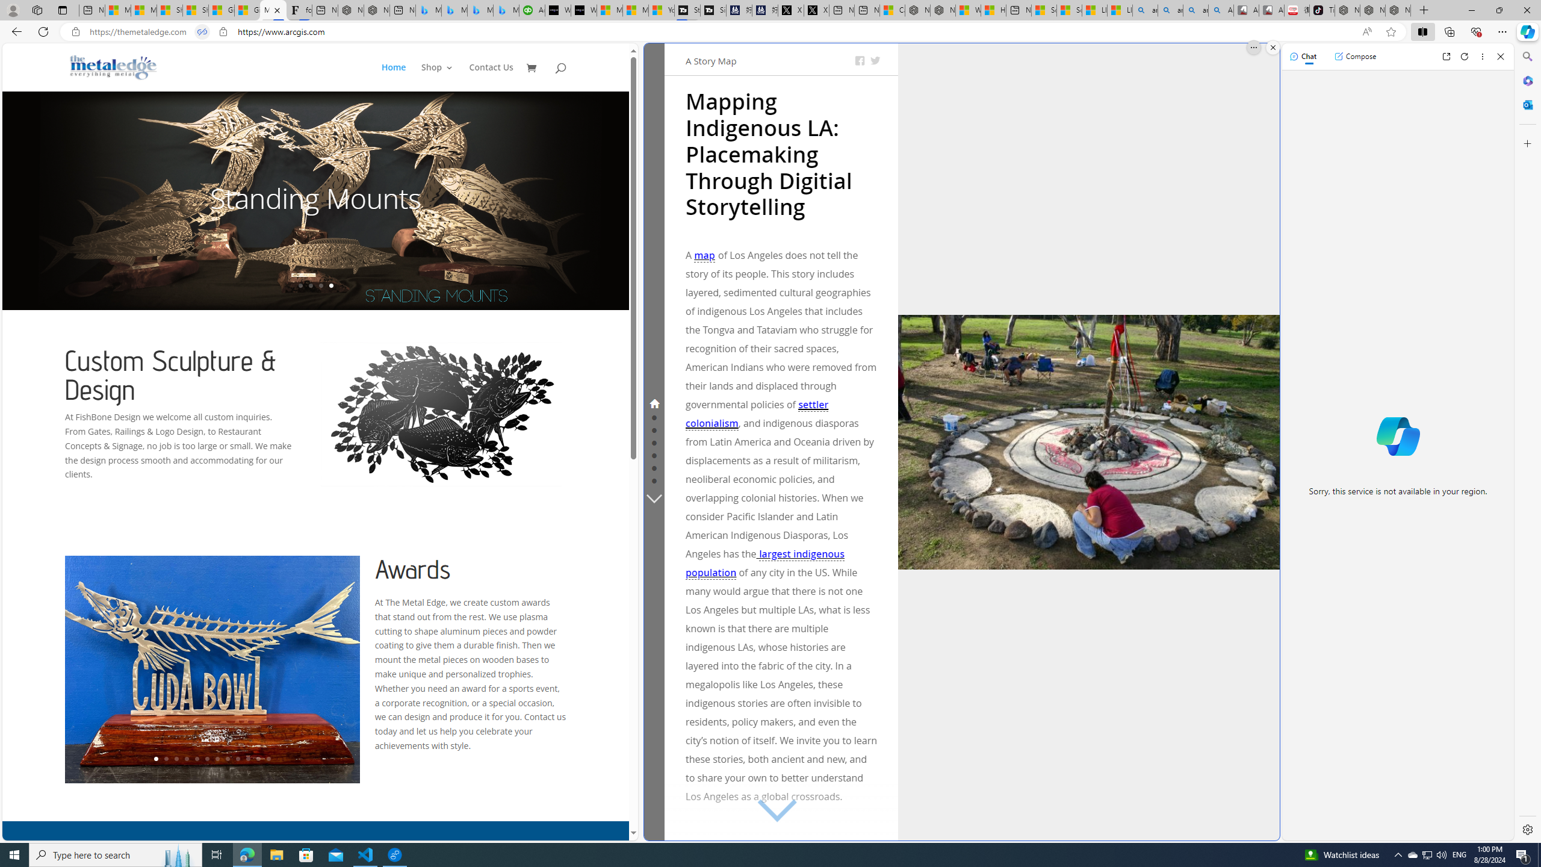 This screenshot has height=867, width=1541. I want to click on 'More options.', so click(1253, 47).